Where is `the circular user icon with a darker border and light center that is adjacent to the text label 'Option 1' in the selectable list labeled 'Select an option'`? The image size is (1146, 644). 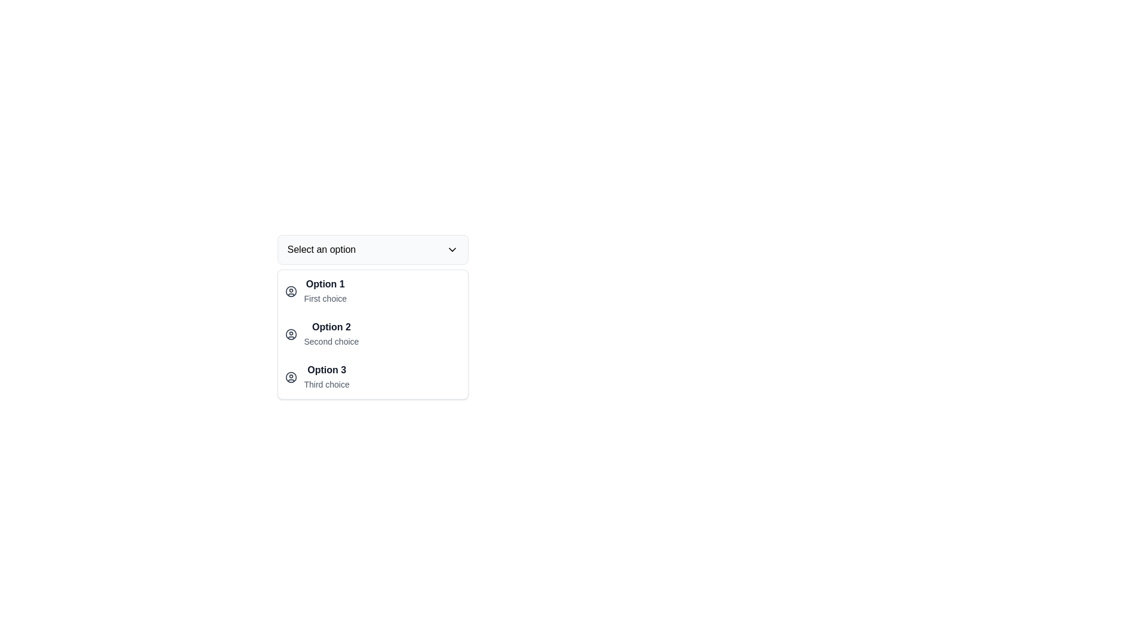
the circular user icon with a darker border and light center that is adjacent to the text label 'Option 1' in the selectable list labeled 'Select an option' is located at coordinates (291, 292).